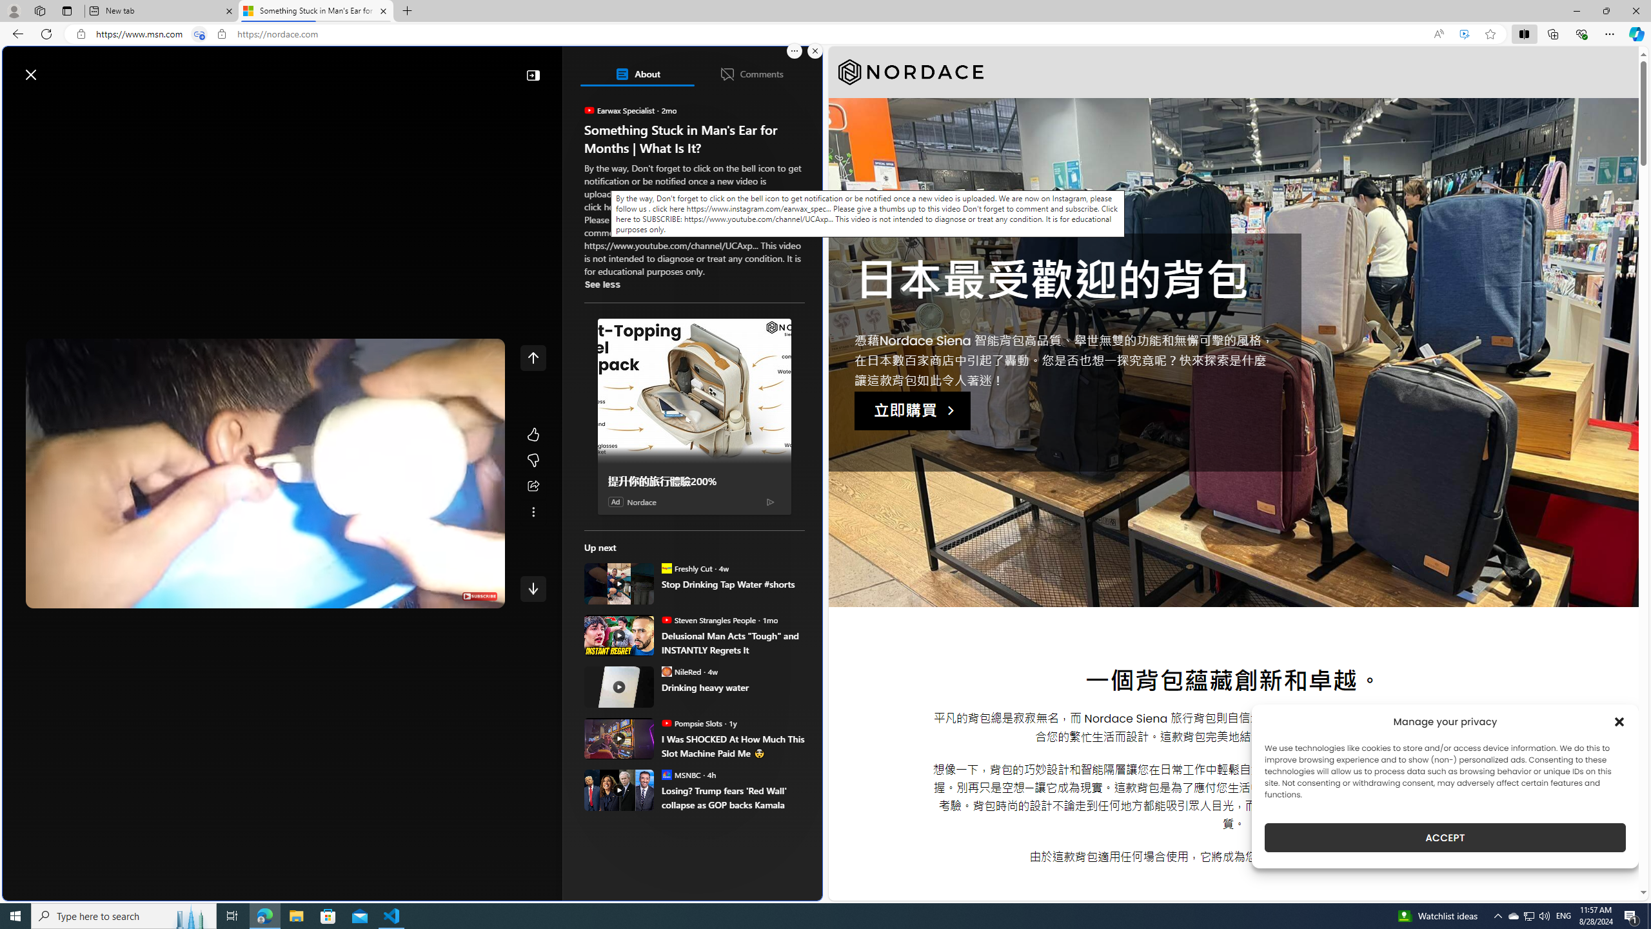 The height and width of the screenshot is (929, 1651). I want to click on 'Stop Drinking Tap Water #shorts', so click(733, 583).